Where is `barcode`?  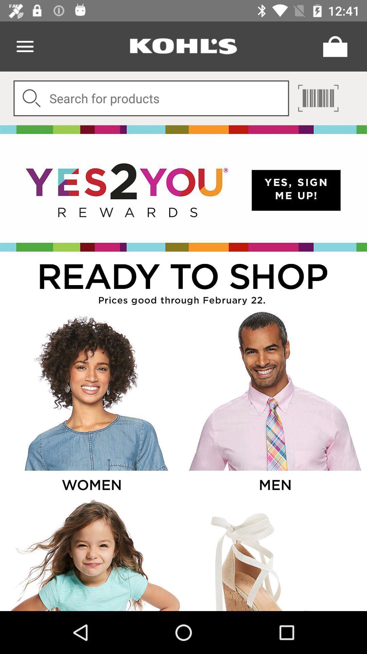
barcode is located at coordinates (318, 98).